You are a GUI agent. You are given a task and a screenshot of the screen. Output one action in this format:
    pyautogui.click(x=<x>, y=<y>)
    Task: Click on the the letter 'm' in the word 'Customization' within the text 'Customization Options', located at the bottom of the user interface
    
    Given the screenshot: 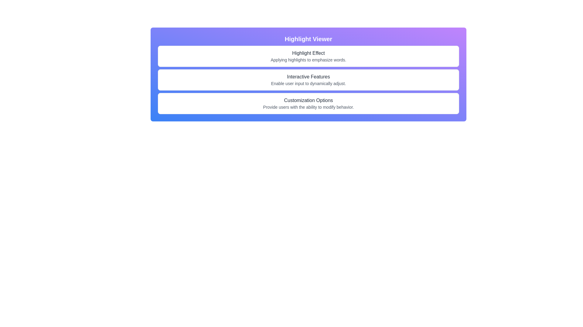 What is the action you would take?
    pyautogui.click(x=298, y=100)
    